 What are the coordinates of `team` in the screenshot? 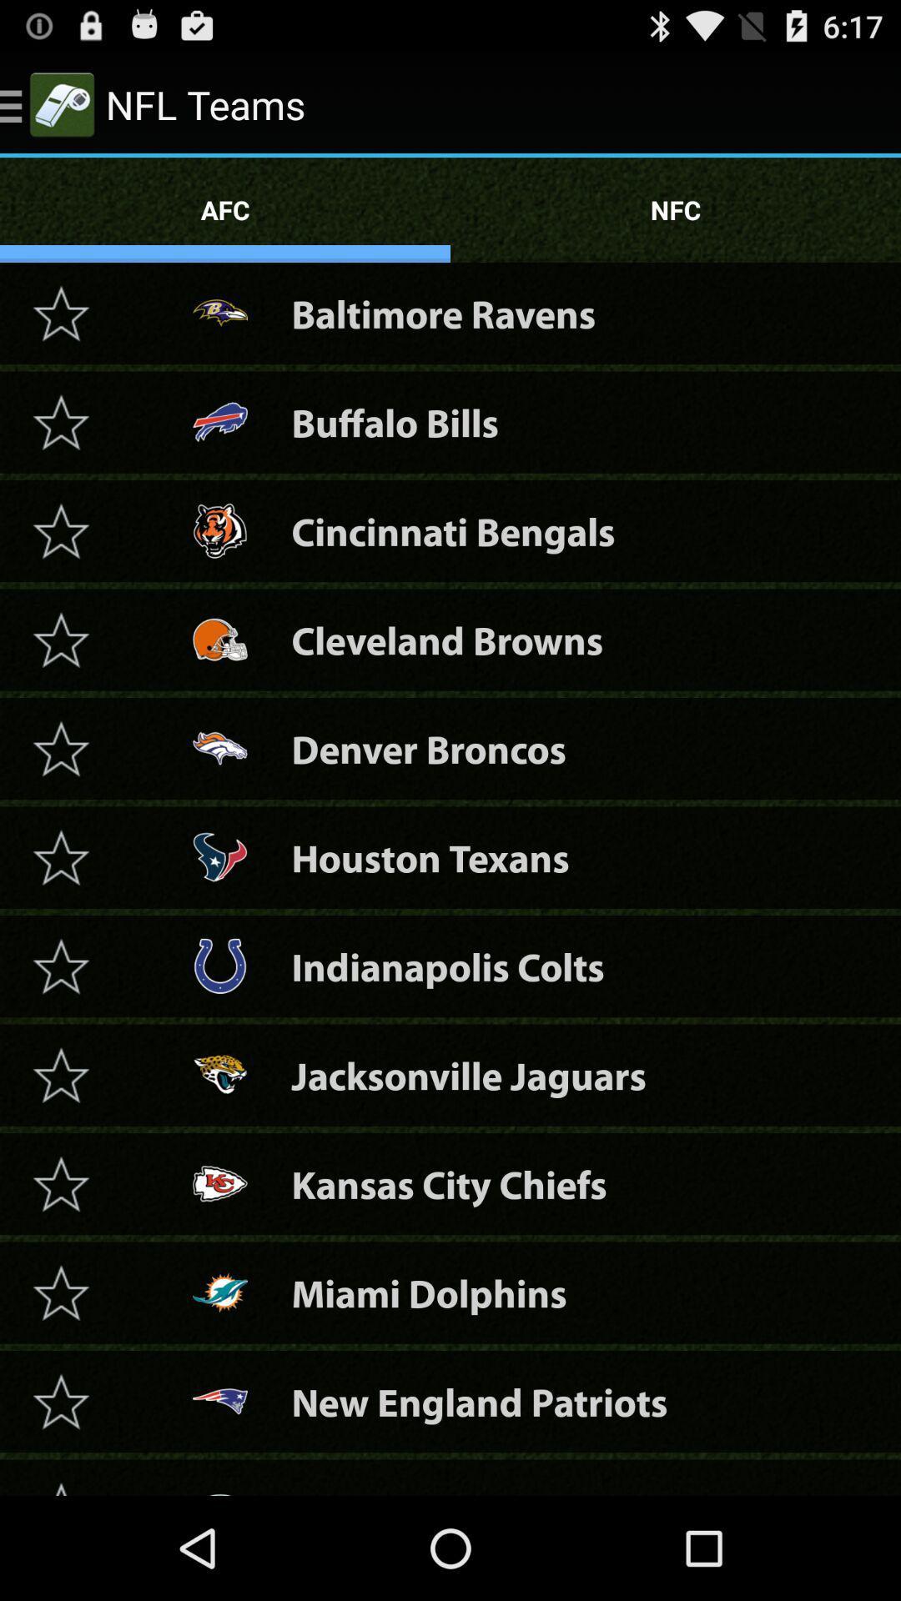 It's located at (60, 1182).